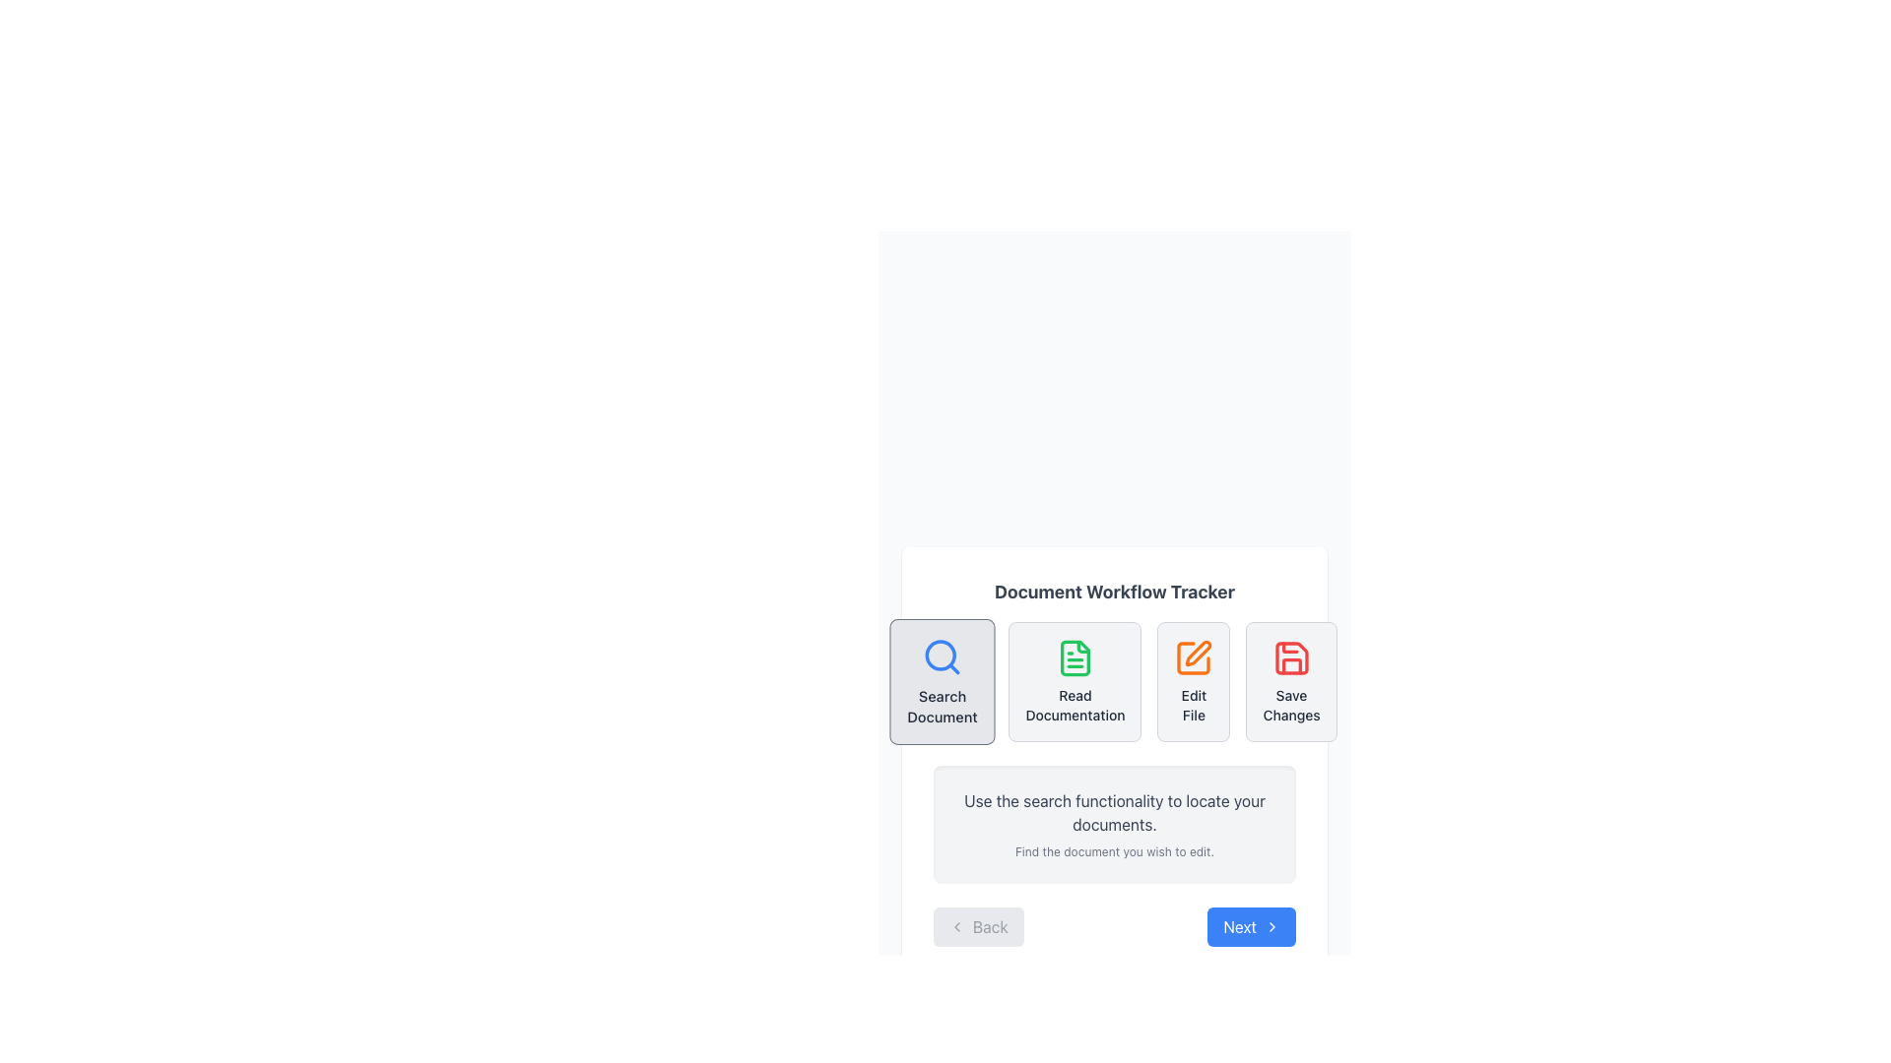  I want to click on the save icon located within the 'Save Changes' card, so click(1291, 657).